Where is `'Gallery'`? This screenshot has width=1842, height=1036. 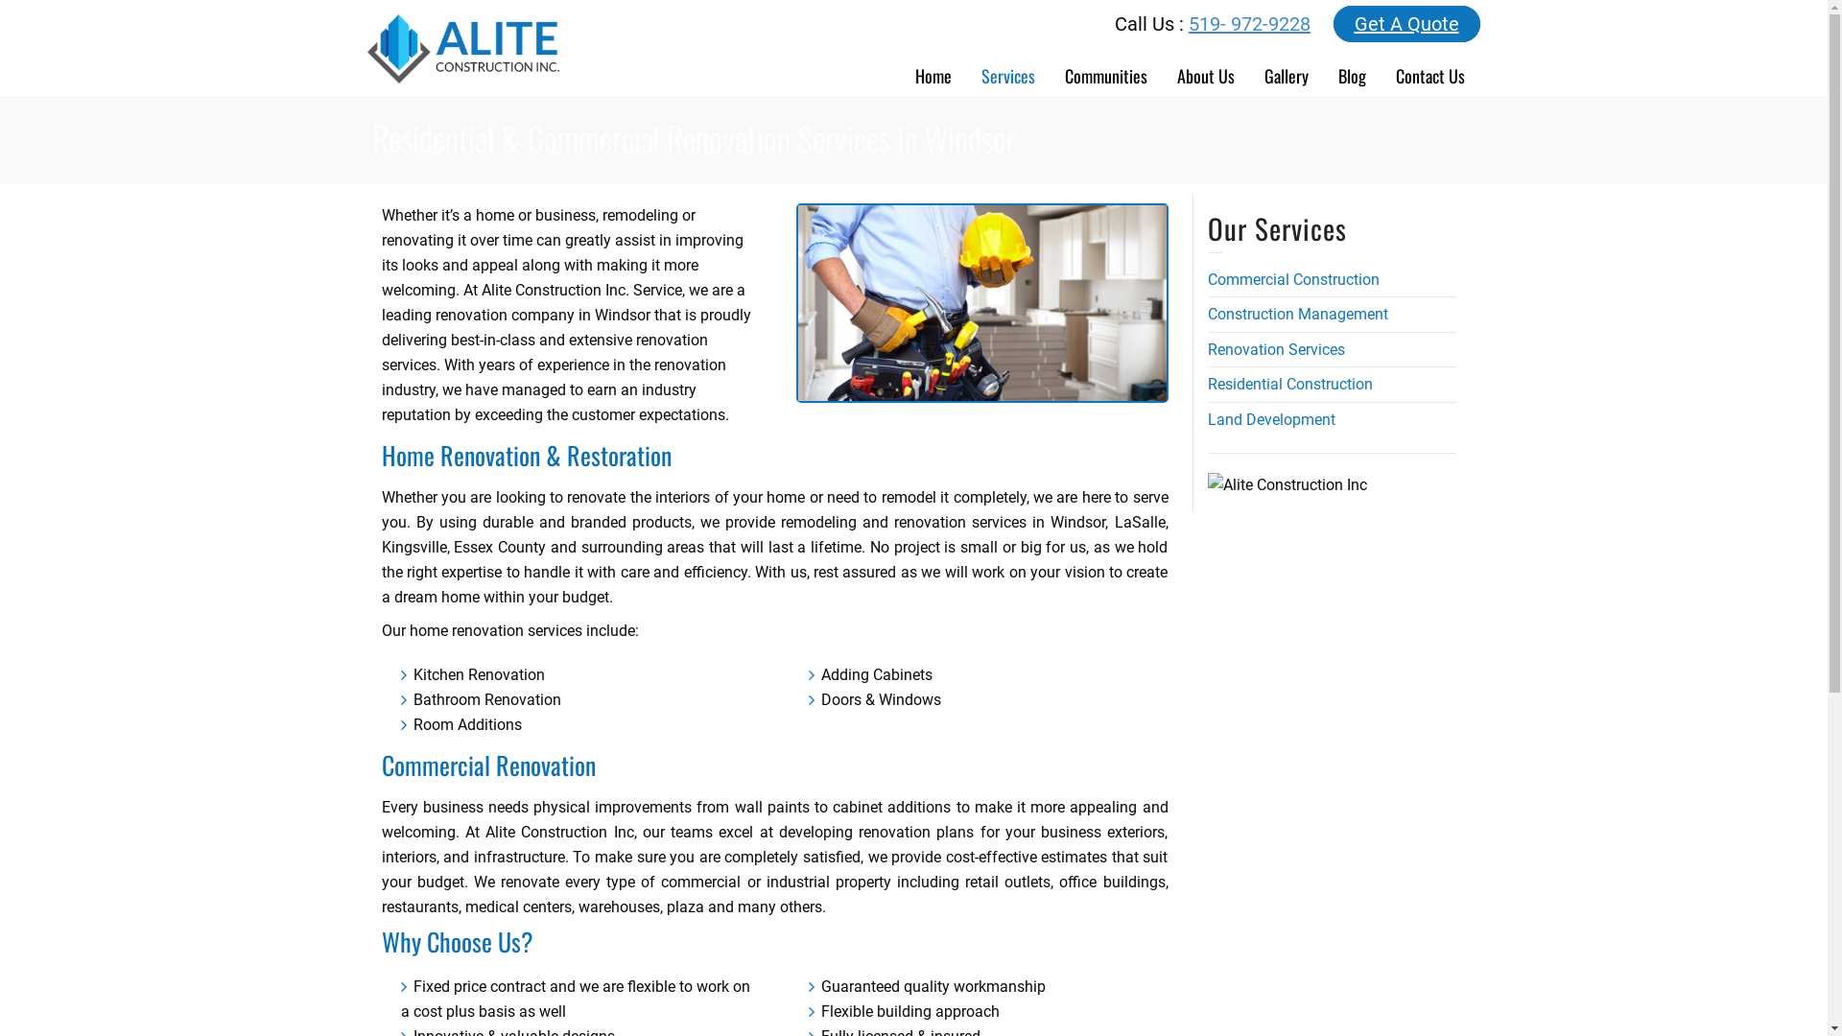
'Gallery' is located at coordinates (1286, 68).